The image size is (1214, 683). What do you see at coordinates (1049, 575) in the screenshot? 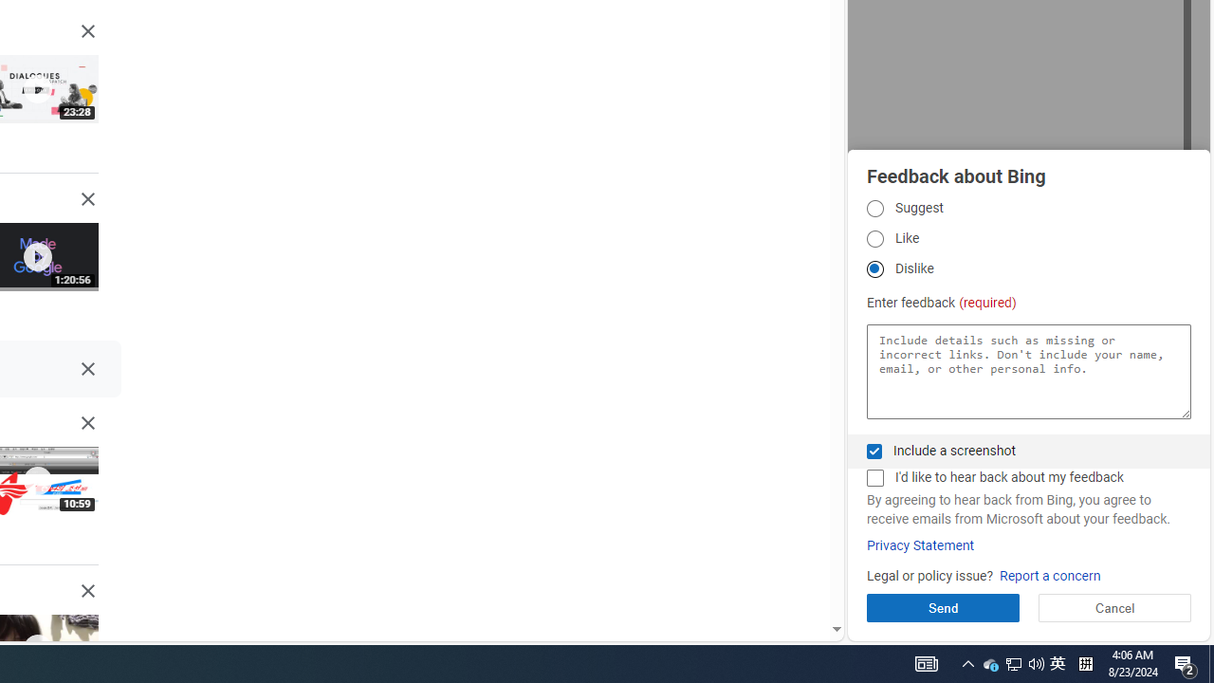
I see `'Report a concern'` at bounding box center [1049, 575].